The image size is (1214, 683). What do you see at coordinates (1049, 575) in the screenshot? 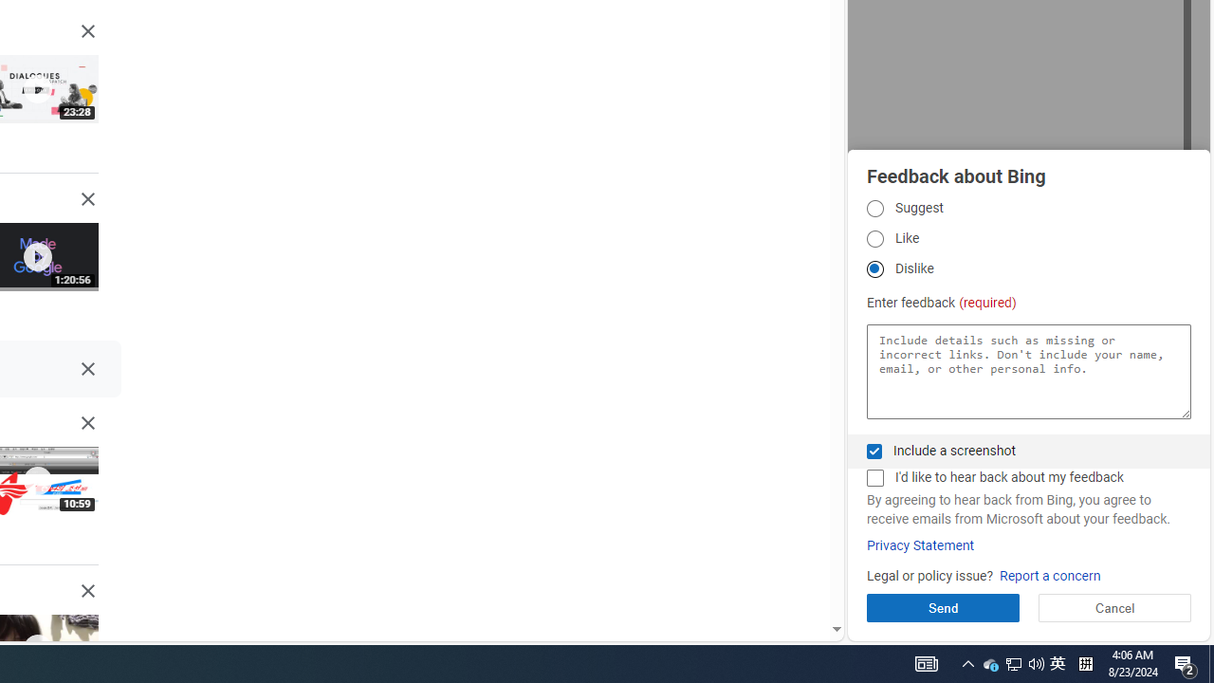
I see `'Report a concern'` at bounding box center [1049, 575].